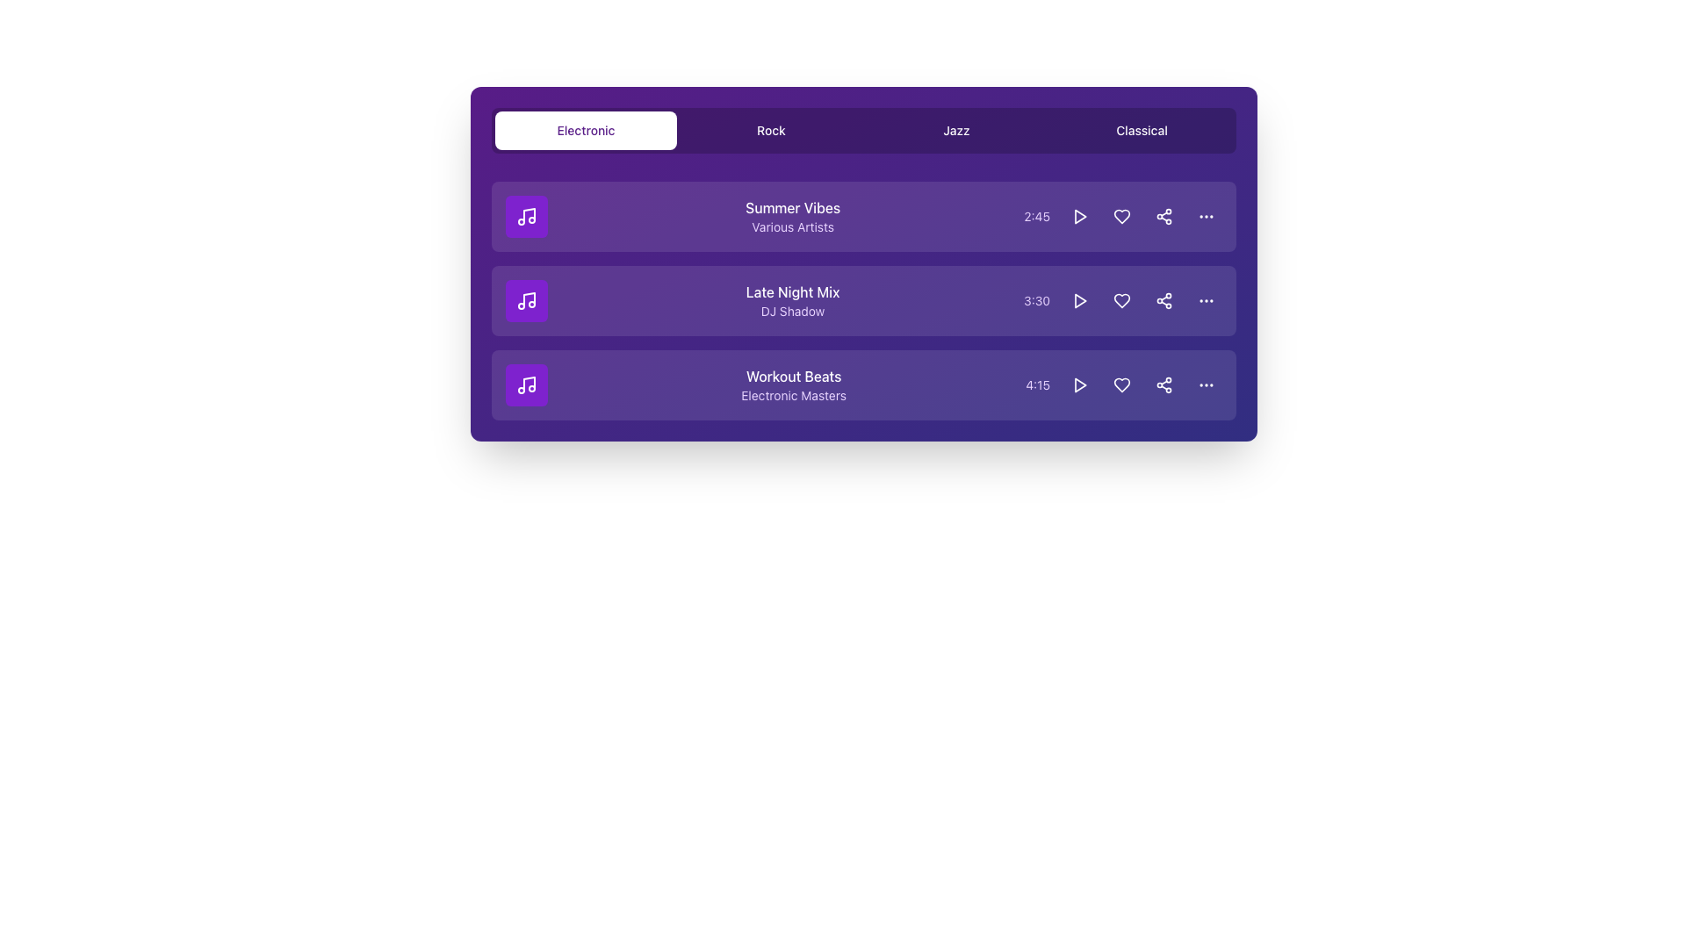 The image size is (1686, 948). What do you see at coordinates (793, 396) in the screenshot?
I see `displayed text of the text label element showing 'Electronic Masters' in light purple against a dark purple background, located below 'Workout Beats' in the list view` at bounding box center [793, 396].